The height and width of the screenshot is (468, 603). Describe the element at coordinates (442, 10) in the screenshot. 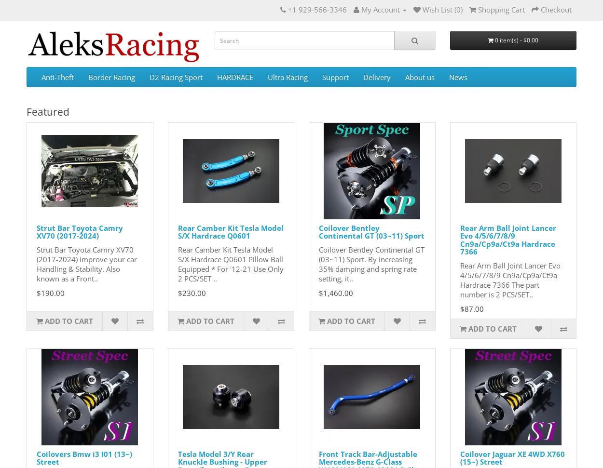

I see `'Wish List (0)'` at that location.